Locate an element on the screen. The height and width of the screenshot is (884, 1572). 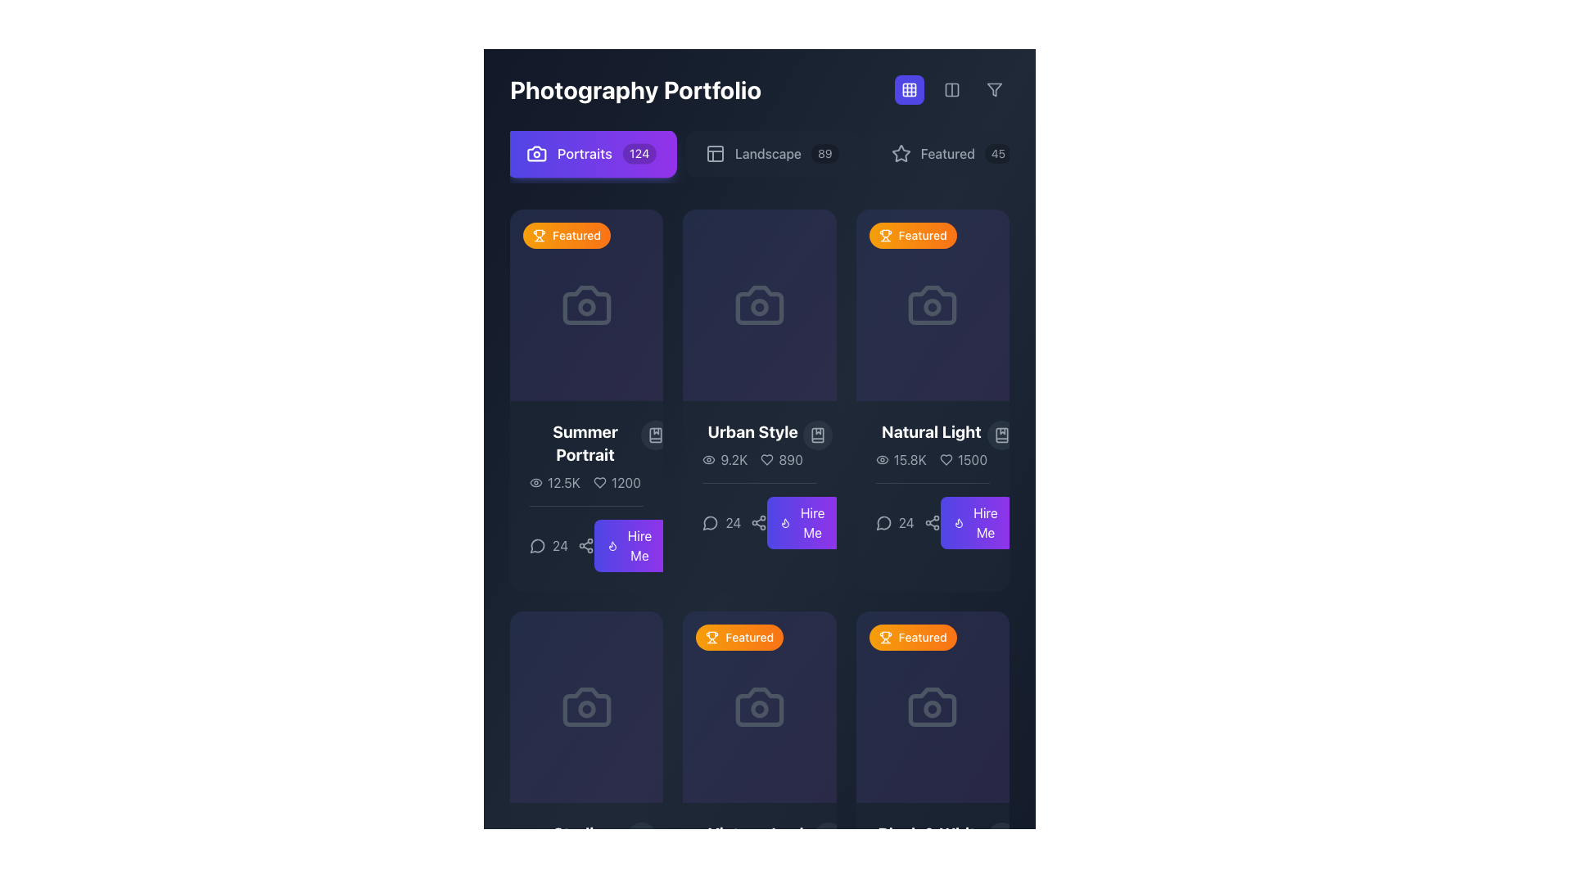
the decorative circle element that represents the camera icon in the second row and third column of the 'Photography Portfolio' section, which is part of a set of featured cards is located at coordinates (758, 708).